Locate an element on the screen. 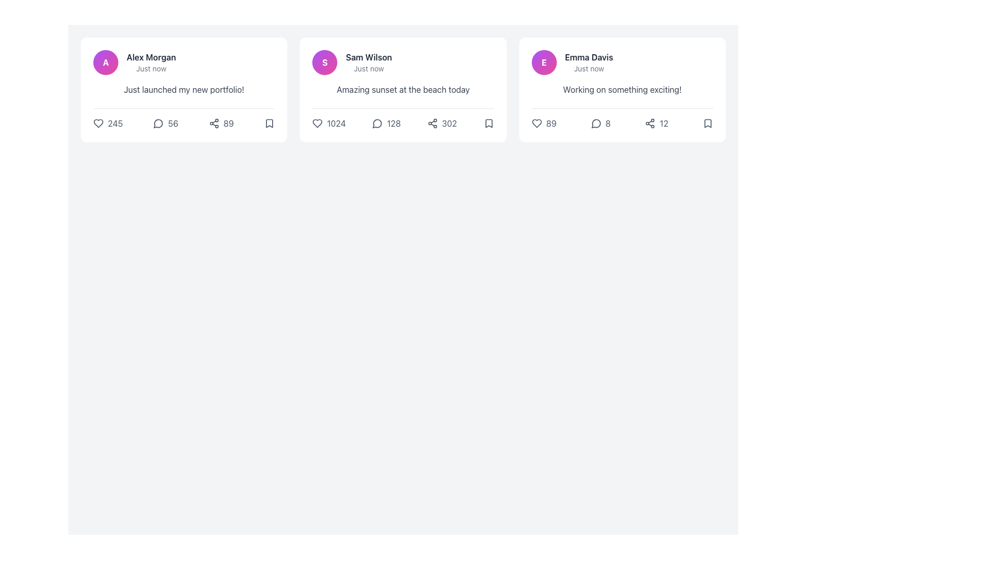  the circular avatar with a gradient background transitioning from purple to pink, containing the white letter 'A' in the center, located to the left of the text 'Alex Morgan' and 'Just now' is located at coordinates (105, 62).